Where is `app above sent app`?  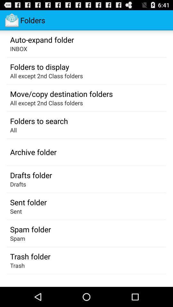 app above sent app is located at coordinates (28, 202).